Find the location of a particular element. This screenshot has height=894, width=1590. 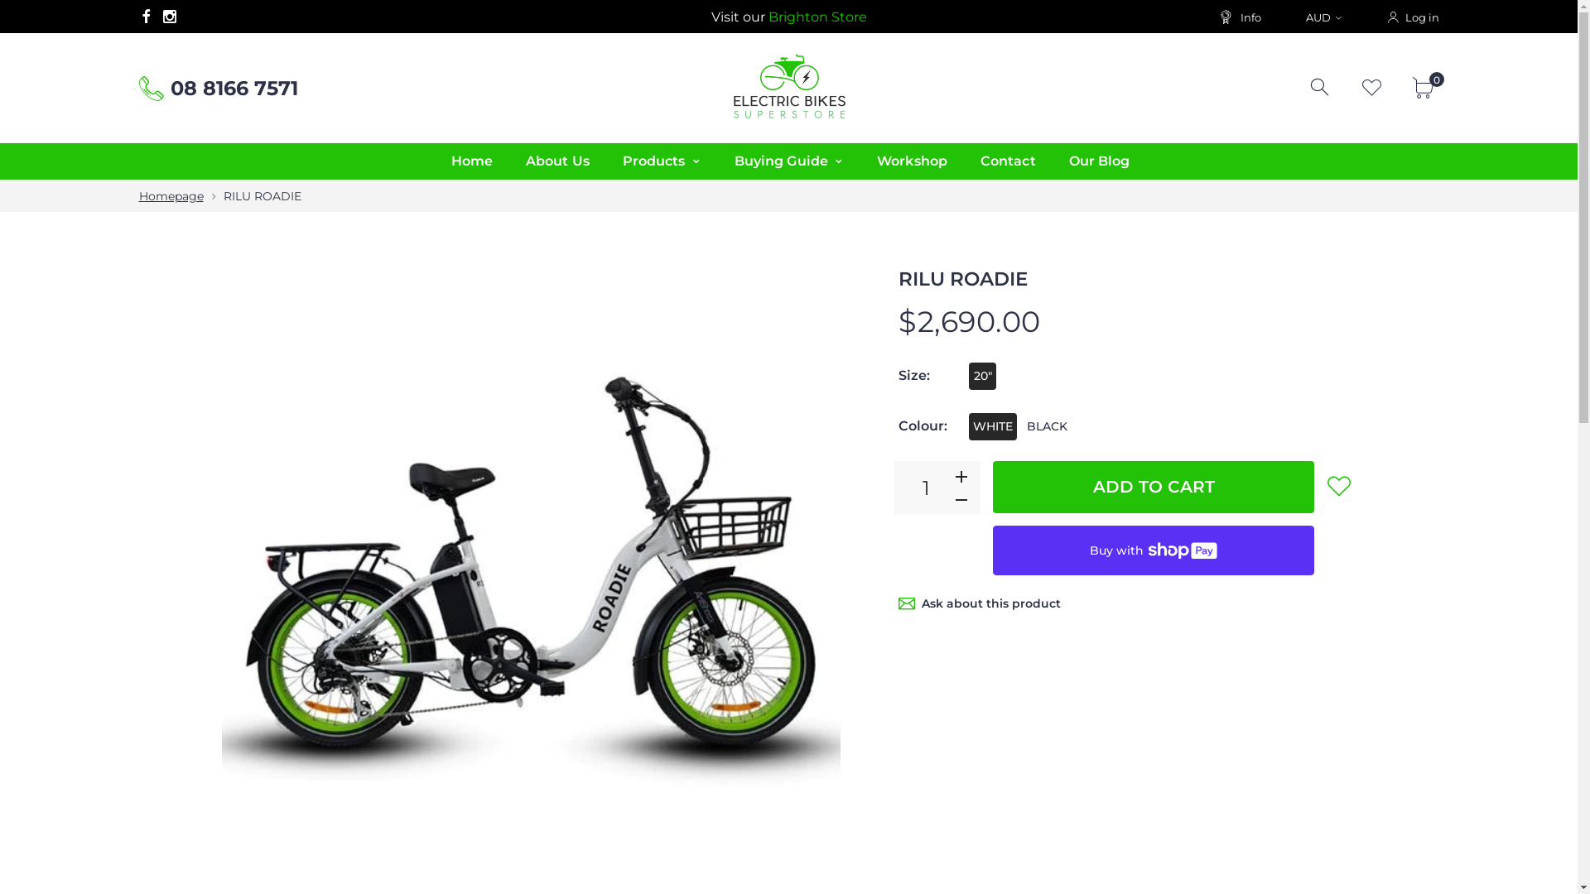

'0' is located at coordinates (1425, 87).